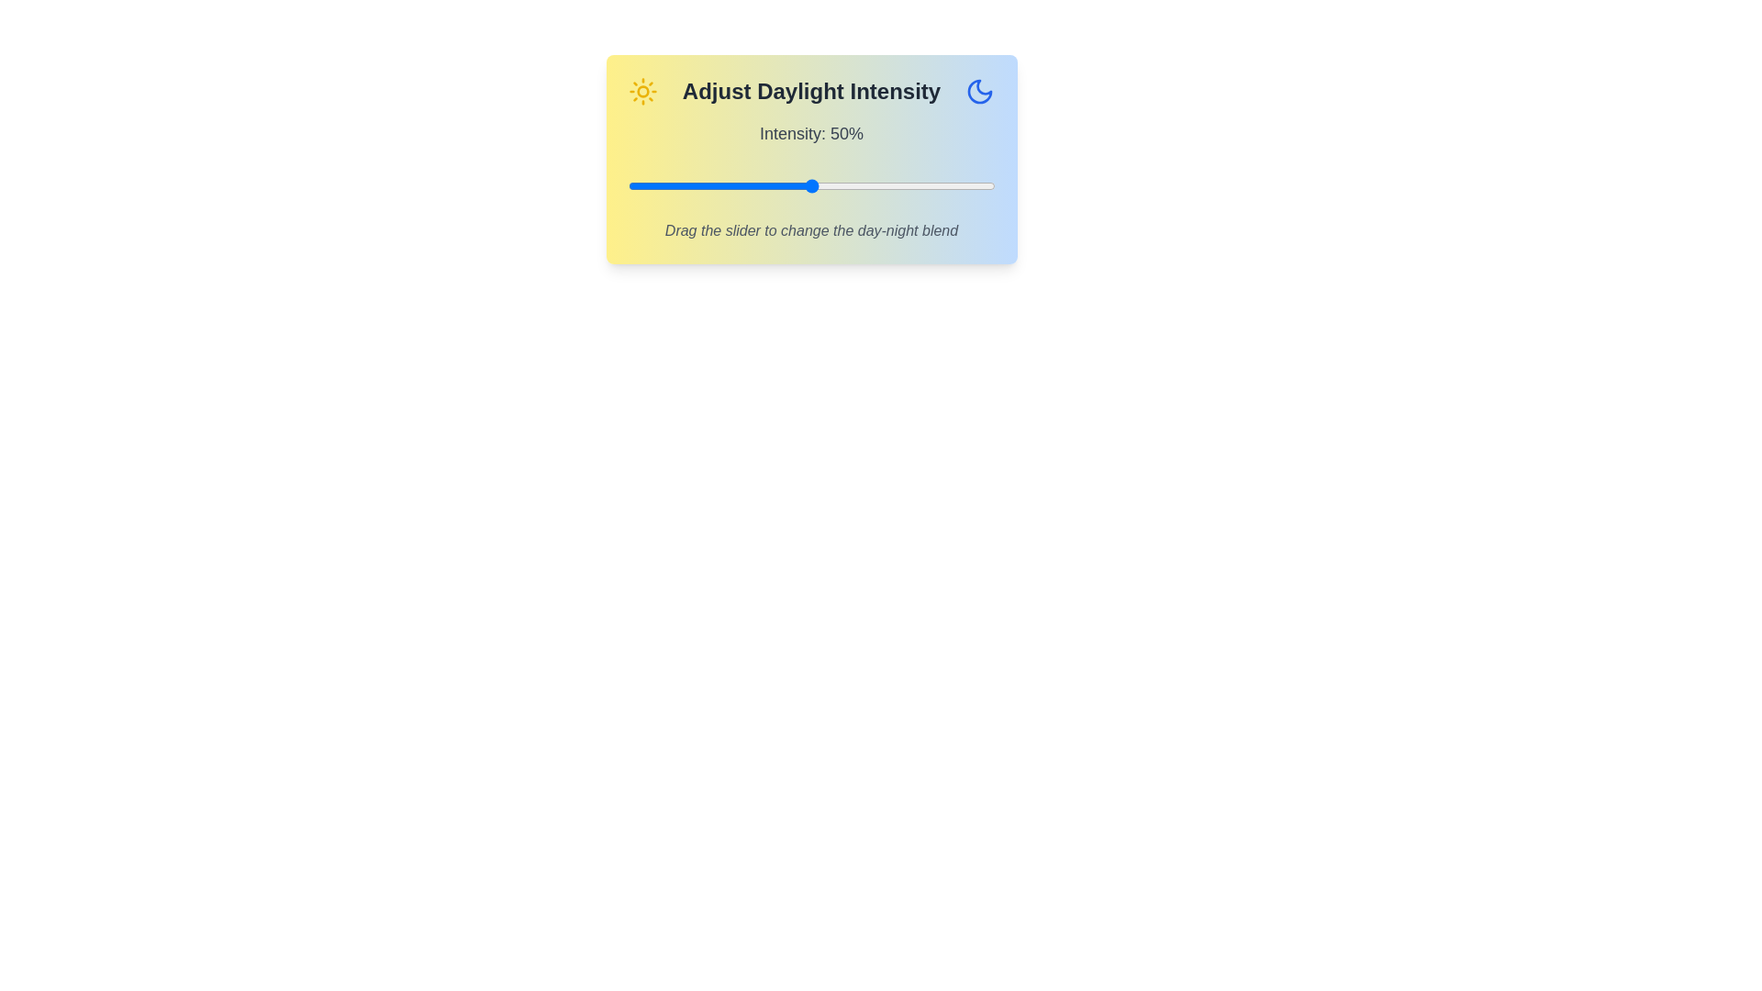 The image size is (1762, 991). I want to click on the daylight intensity slider to 50%, so click(810, 186).